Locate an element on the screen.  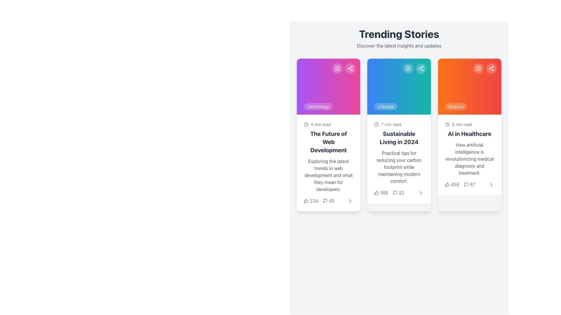
the circular button with a bookmark icon located in the top-right corner of the second card in the 'Trending Stories' section is located at coordinates (408, 68).